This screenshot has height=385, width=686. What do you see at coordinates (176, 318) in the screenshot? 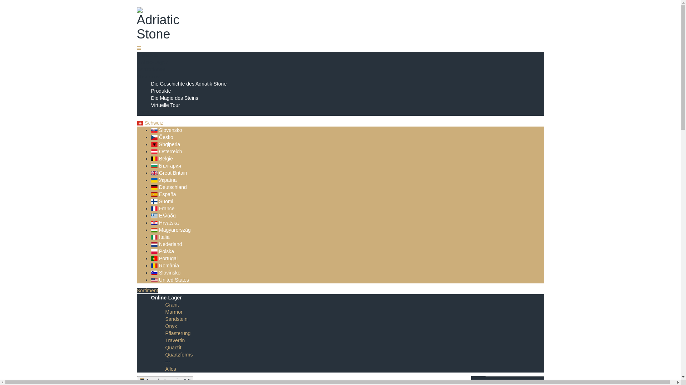
I see `'Sandstein'` at bounding box center [176, 318].